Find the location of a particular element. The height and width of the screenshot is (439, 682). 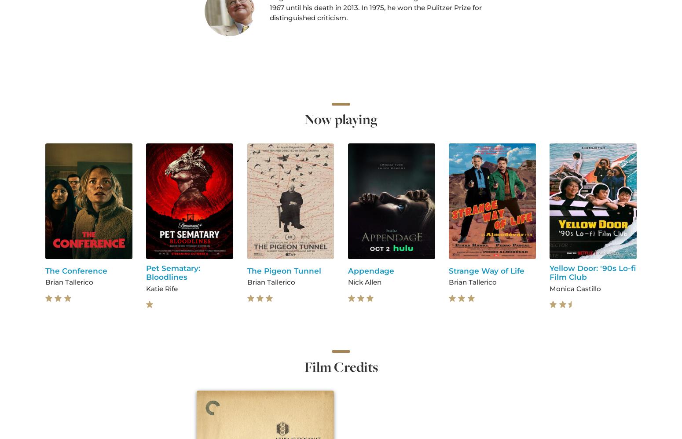

'Appendage' is located at coordinates (370, 270).